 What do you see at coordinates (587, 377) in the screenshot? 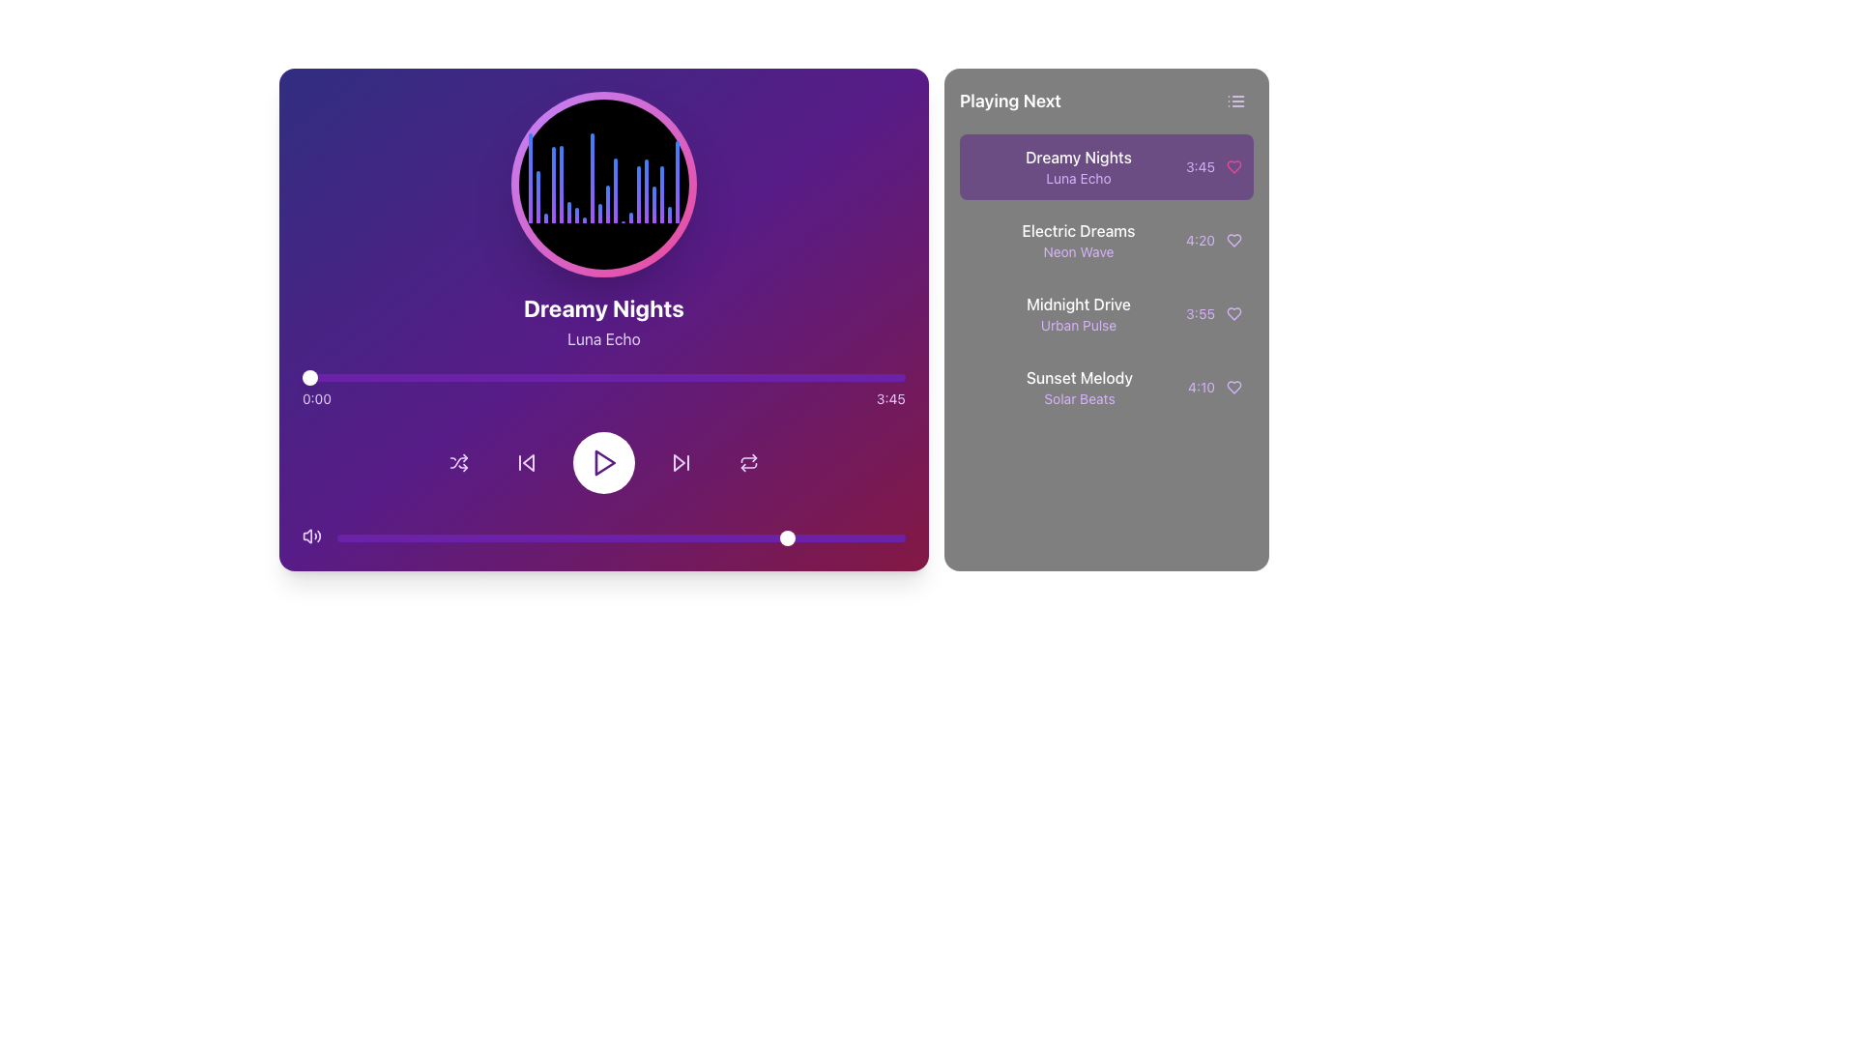
I see `the playback position` at bounding box center [587, 377].